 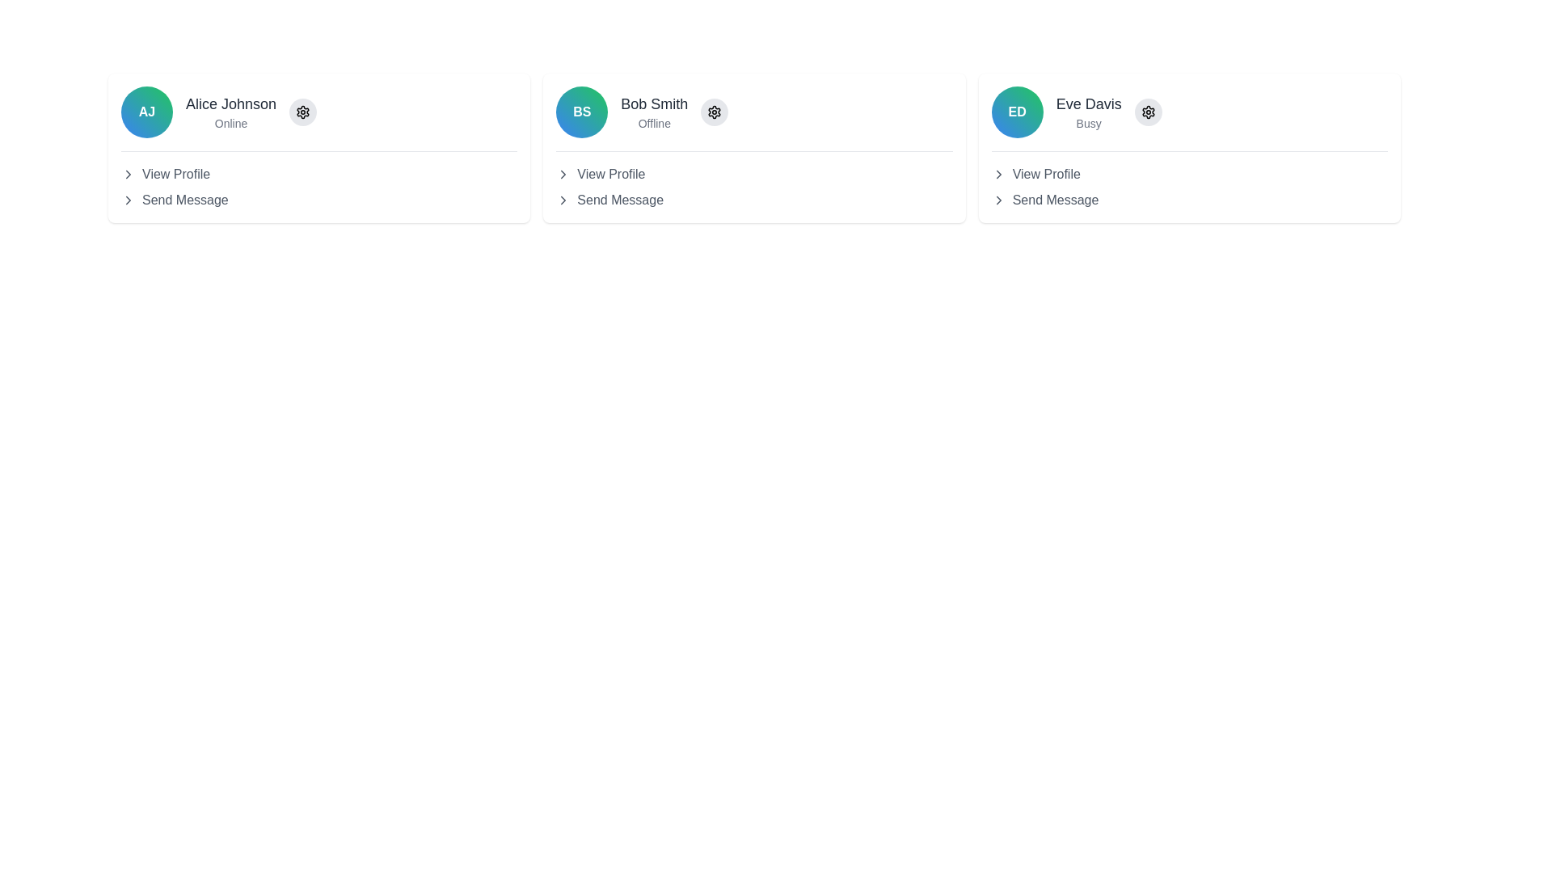 I want to click on text displayed in the vertical block showing 'Bob Smith' with status 'Offline' located centrally in the user card layout, so click(x=654, y=111).